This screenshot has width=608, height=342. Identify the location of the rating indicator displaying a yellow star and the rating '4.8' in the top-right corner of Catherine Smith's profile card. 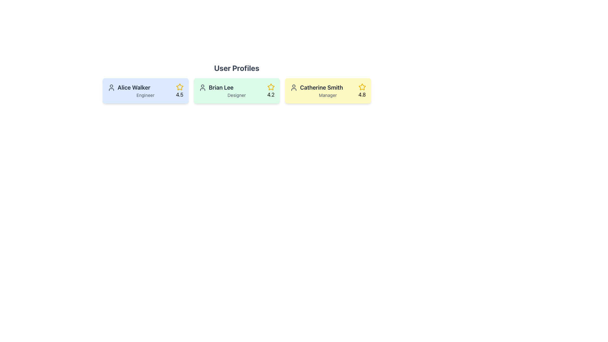
(362, 91).